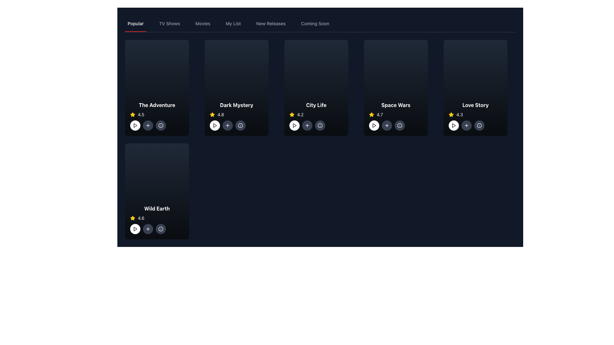  What do you see at coordinates (386, 126) in the screenshot?
I see `the circular button with a gray background and a white plus icon, which is the second button in a horizontal sequence below the 'Space Wars' card` at bounding box center [386, 126].